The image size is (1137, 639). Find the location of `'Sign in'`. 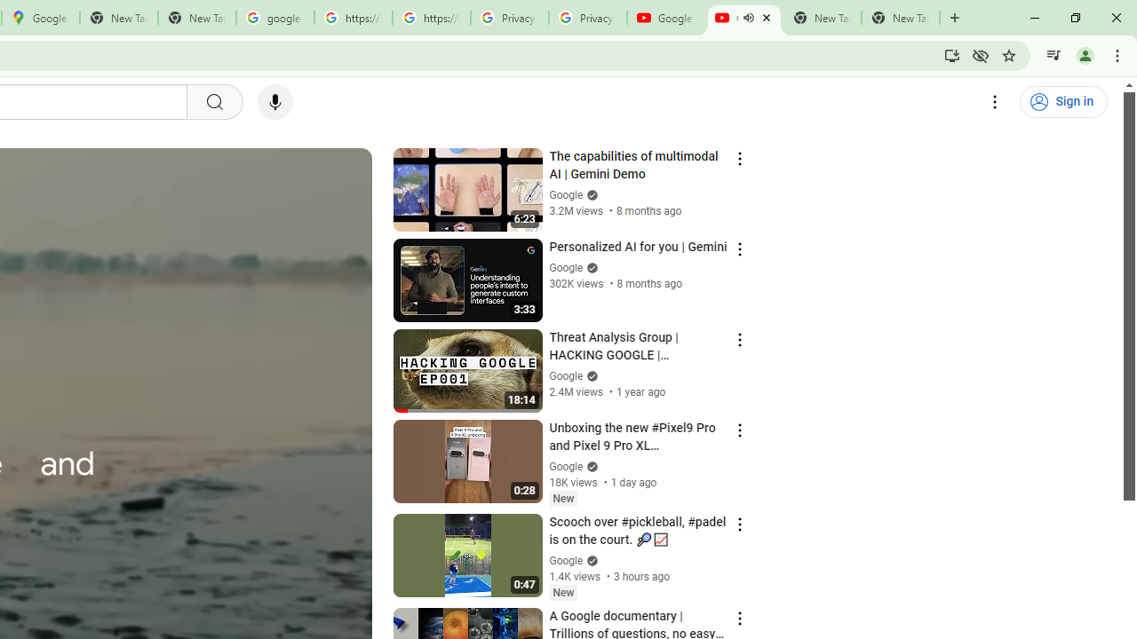

'Sign in' is located at coordinates (1063, 102).